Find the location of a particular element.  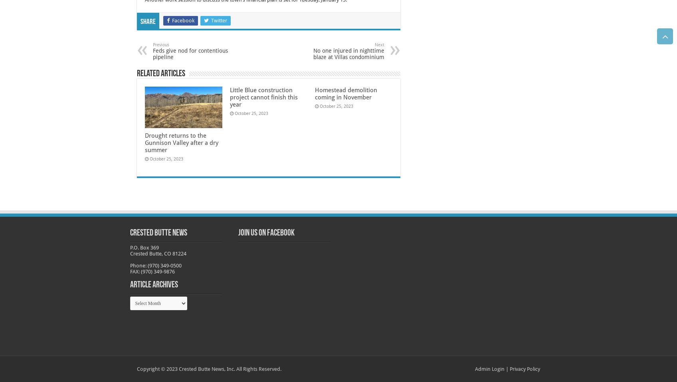

'Next' is located at coordinates (379, 45).